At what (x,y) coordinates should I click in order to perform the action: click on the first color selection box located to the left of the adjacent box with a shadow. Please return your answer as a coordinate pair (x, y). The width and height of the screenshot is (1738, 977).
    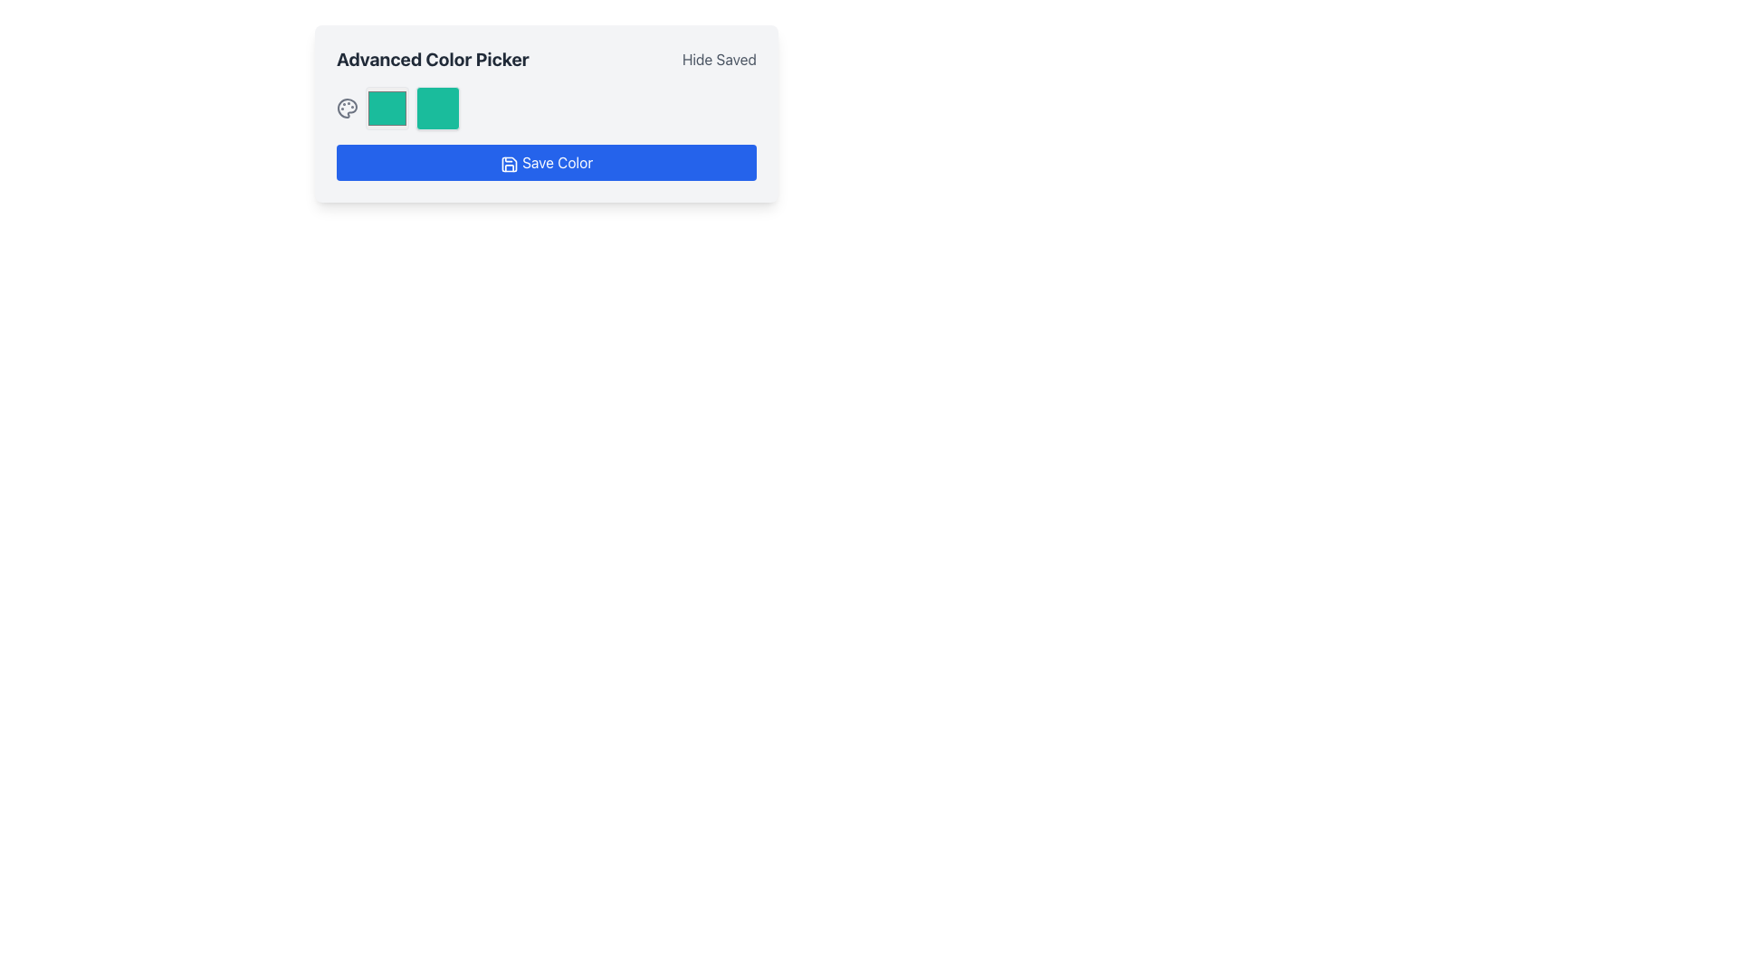
    Looking at the image, I should click on (386, 108).